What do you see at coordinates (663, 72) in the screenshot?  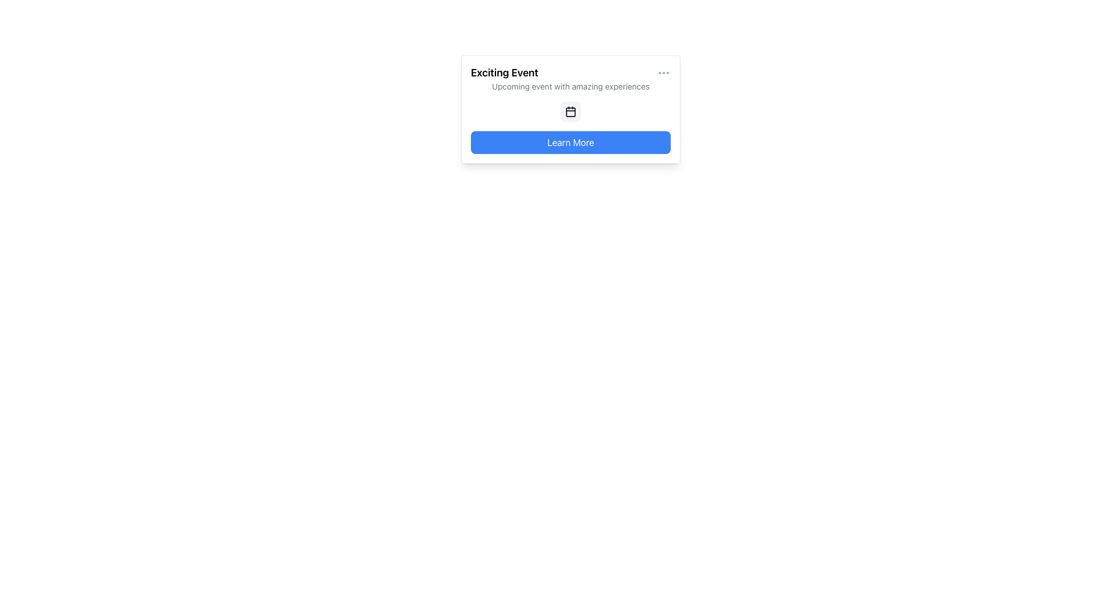 I see `the Horizontal Ellipsis Icon located at the upper-right corner of the 'Exciting Event' card to show additional options` at bounding box center [663, 72].